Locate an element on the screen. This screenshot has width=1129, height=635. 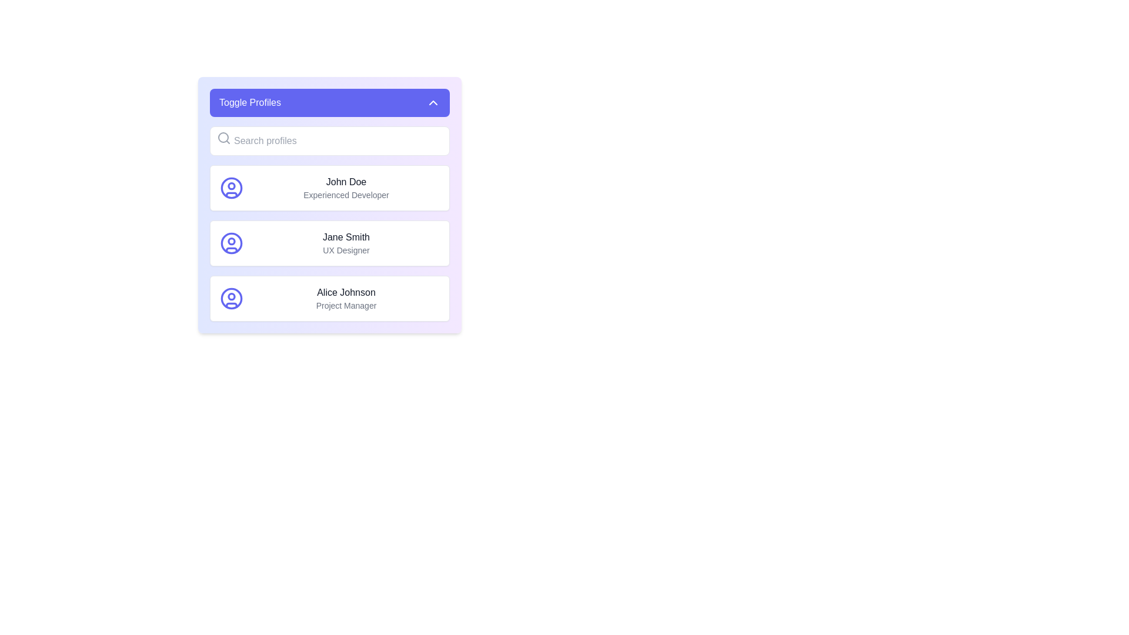
the SVG circle graphic representing John Doe's profile picture located in the user profiles listing interface is located at coordinates (231, 188).